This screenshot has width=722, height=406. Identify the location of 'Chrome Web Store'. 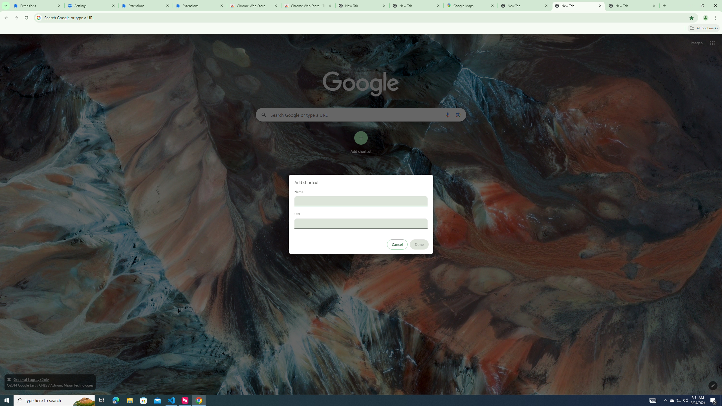
(254, 5).